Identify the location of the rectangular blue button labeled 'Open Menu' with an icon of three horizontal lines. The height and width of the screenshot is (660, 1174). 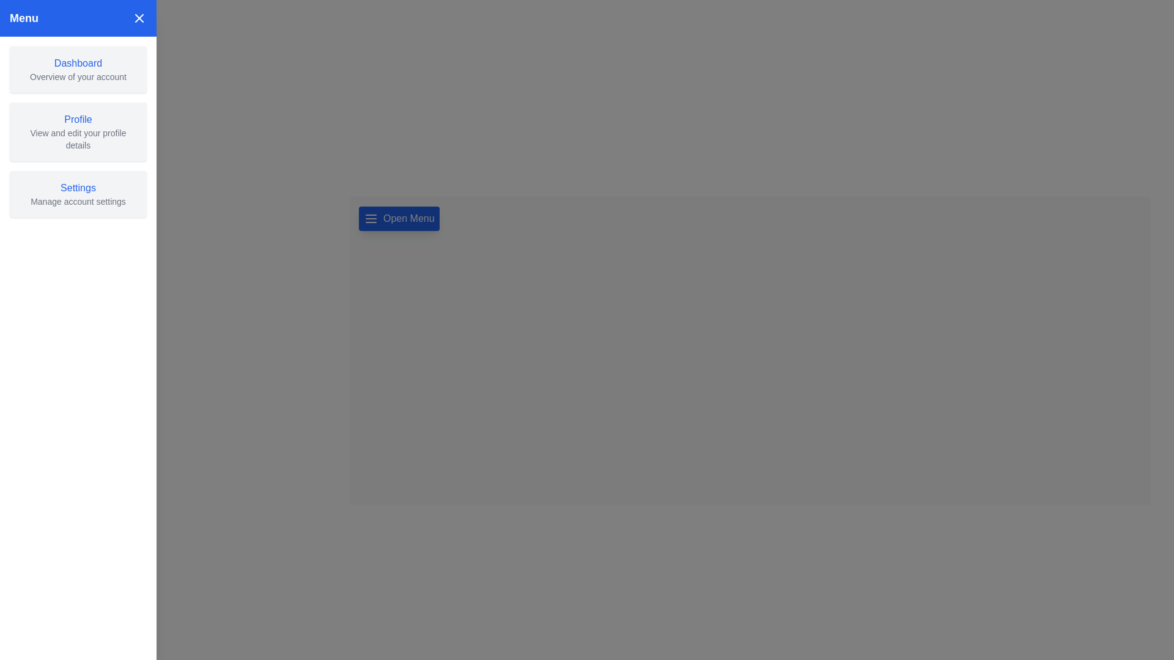
(399, 218).